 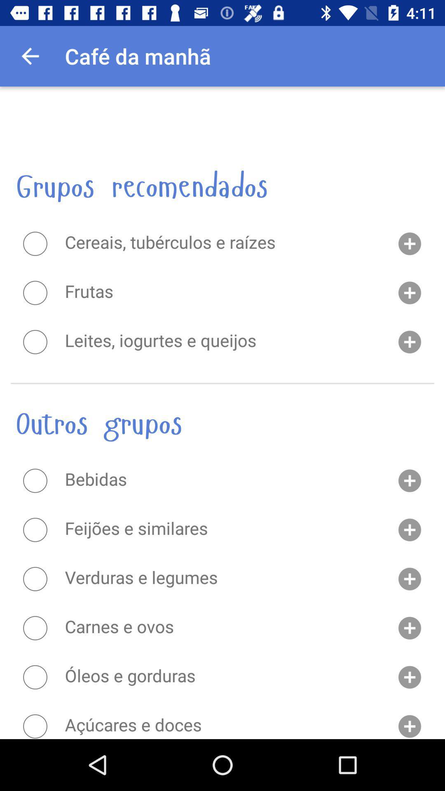 What do you see at coordinates (35, 243) in the screenshot?
I see `choose the option cereais tubrculos e razes` at bounding box center [35, 243].